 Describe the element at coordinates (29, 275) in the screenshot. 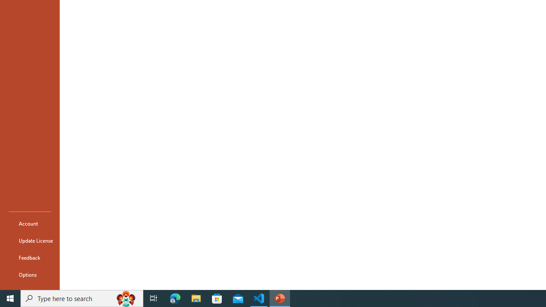

I see `'Options'` at that location.